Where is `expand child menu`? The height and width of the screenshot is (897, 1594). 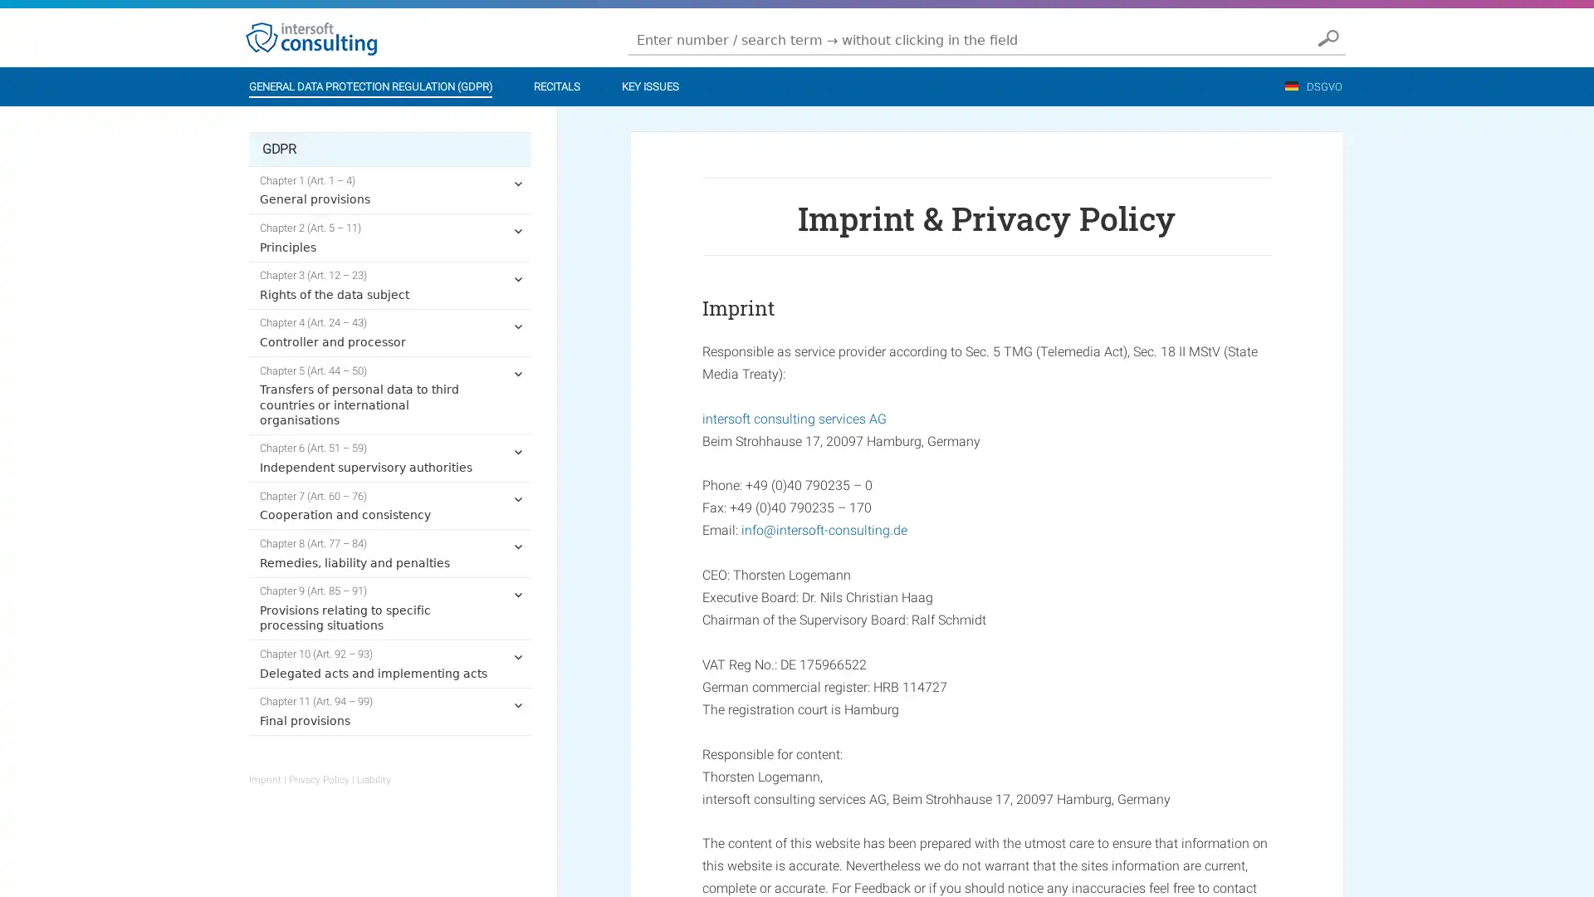
expand child menu is located at coordinates (517, 374).